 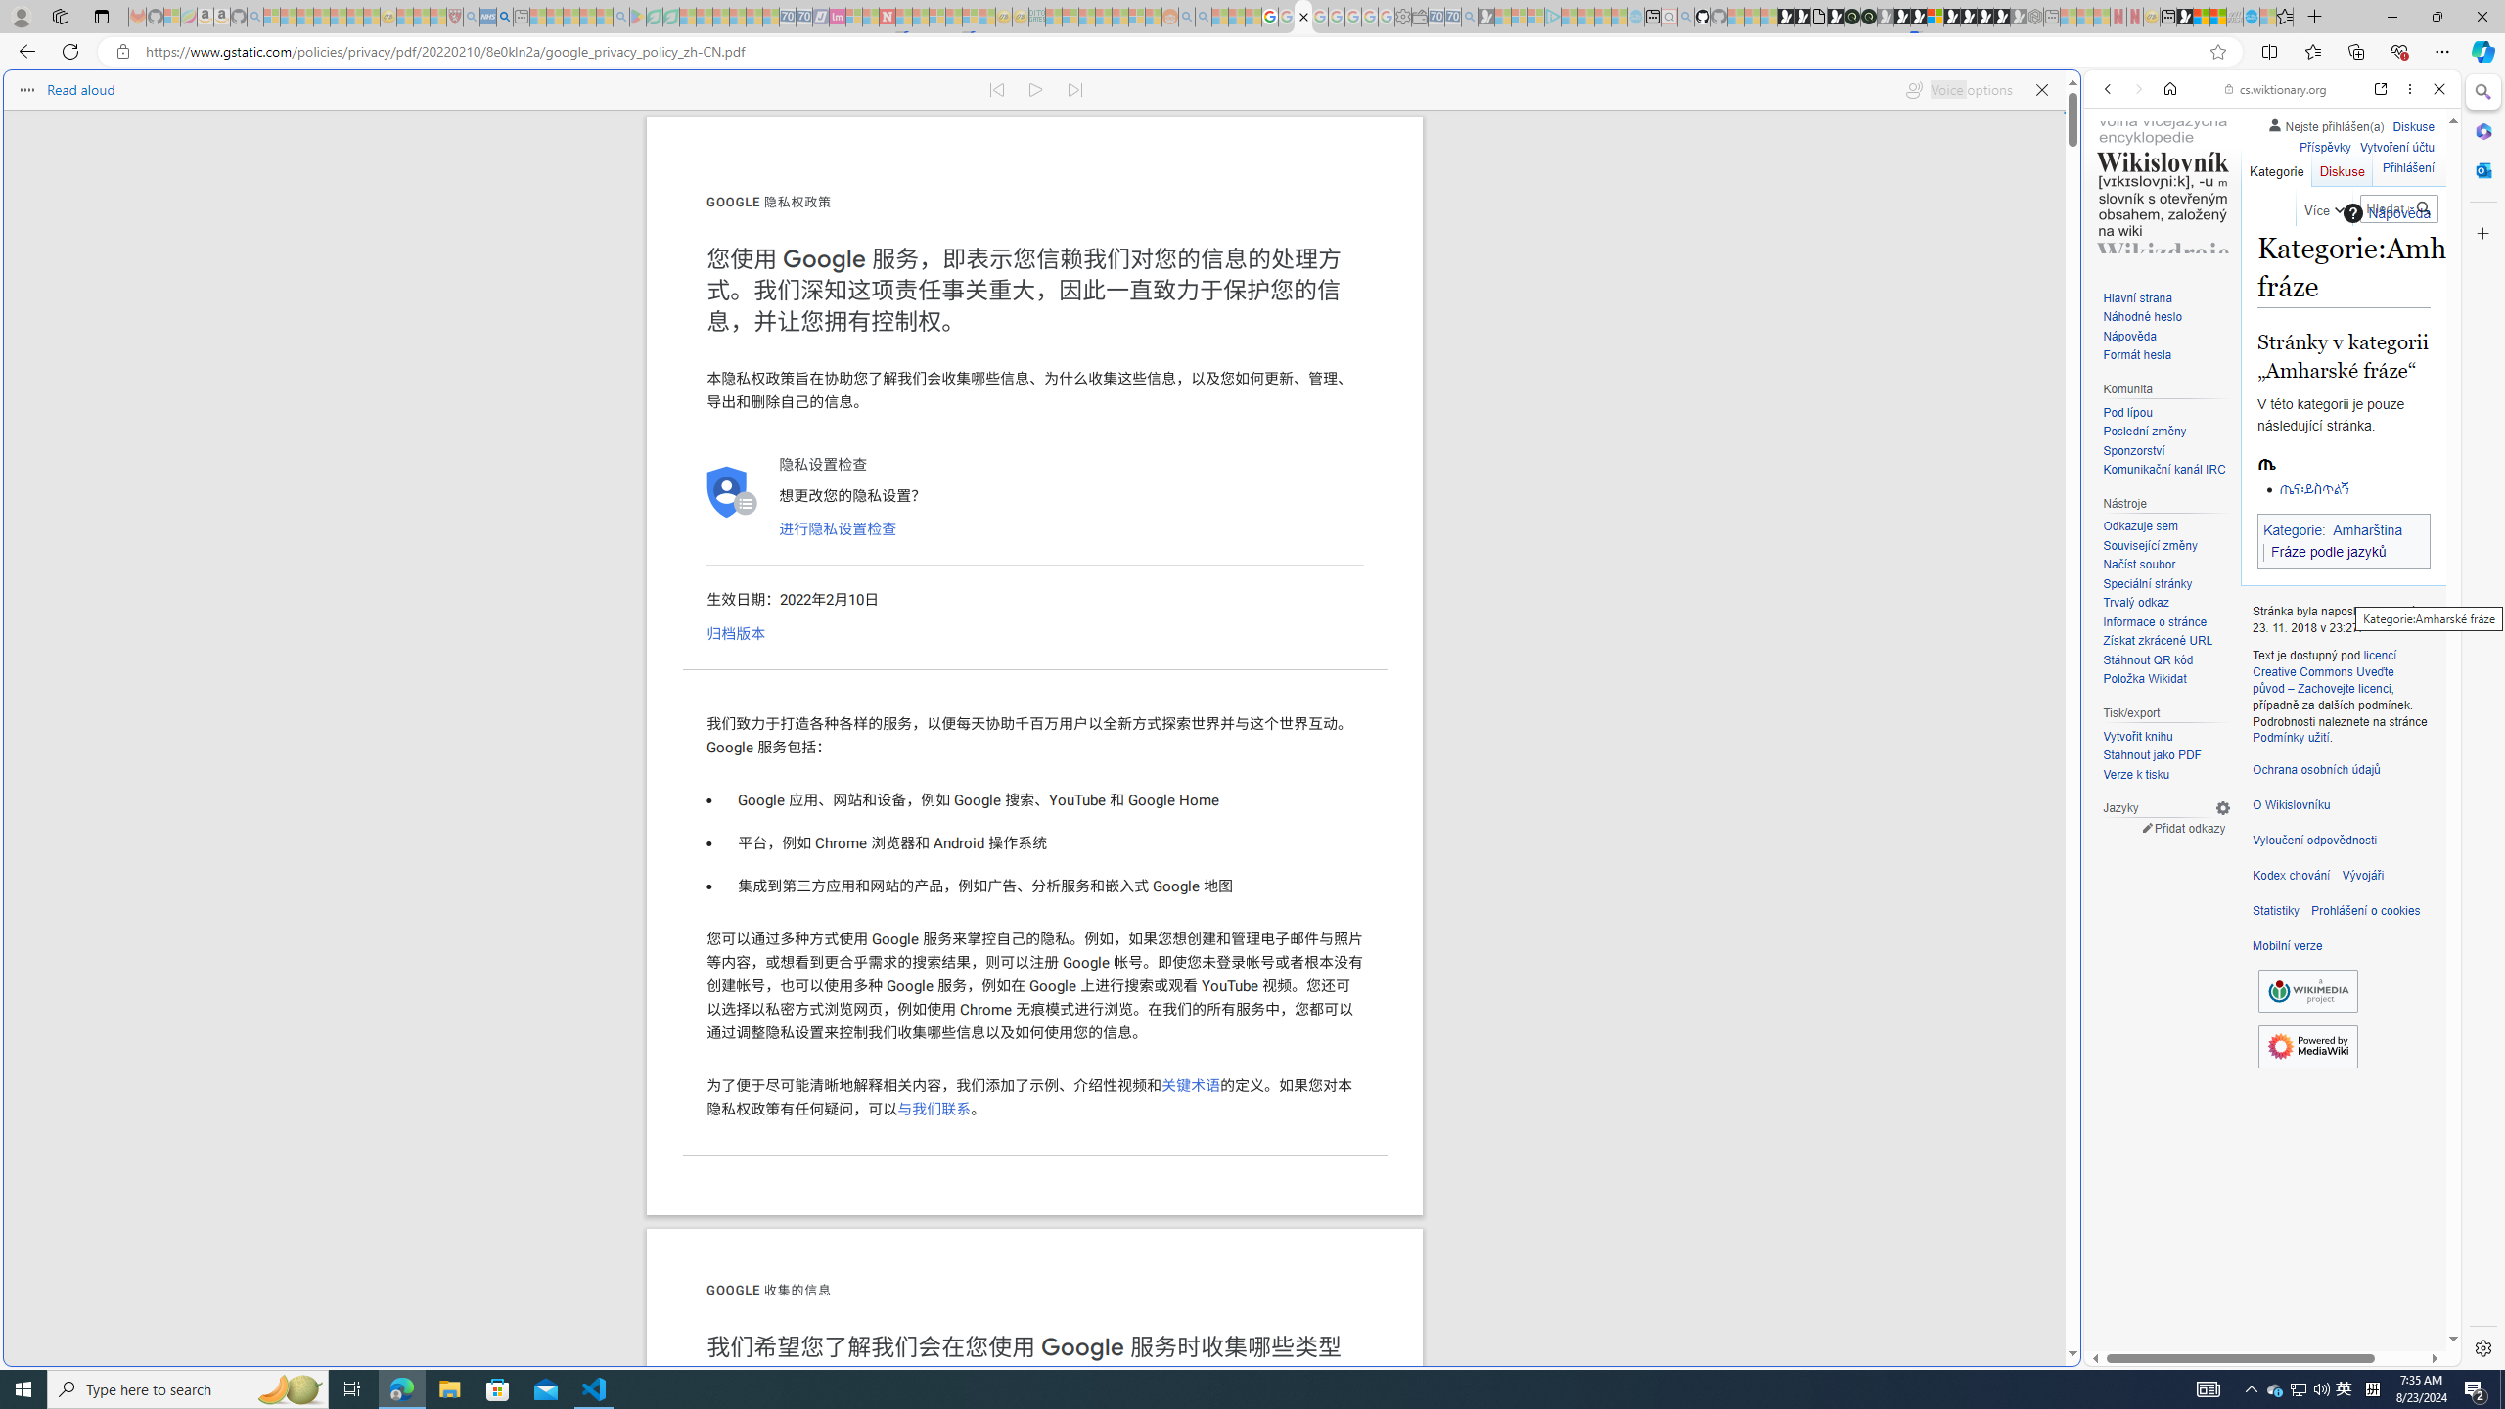 What do you see at coordinates (1074, 89) in the screenshot?
I see `'Read next paragraph'` at bounding box center [1074, 89].